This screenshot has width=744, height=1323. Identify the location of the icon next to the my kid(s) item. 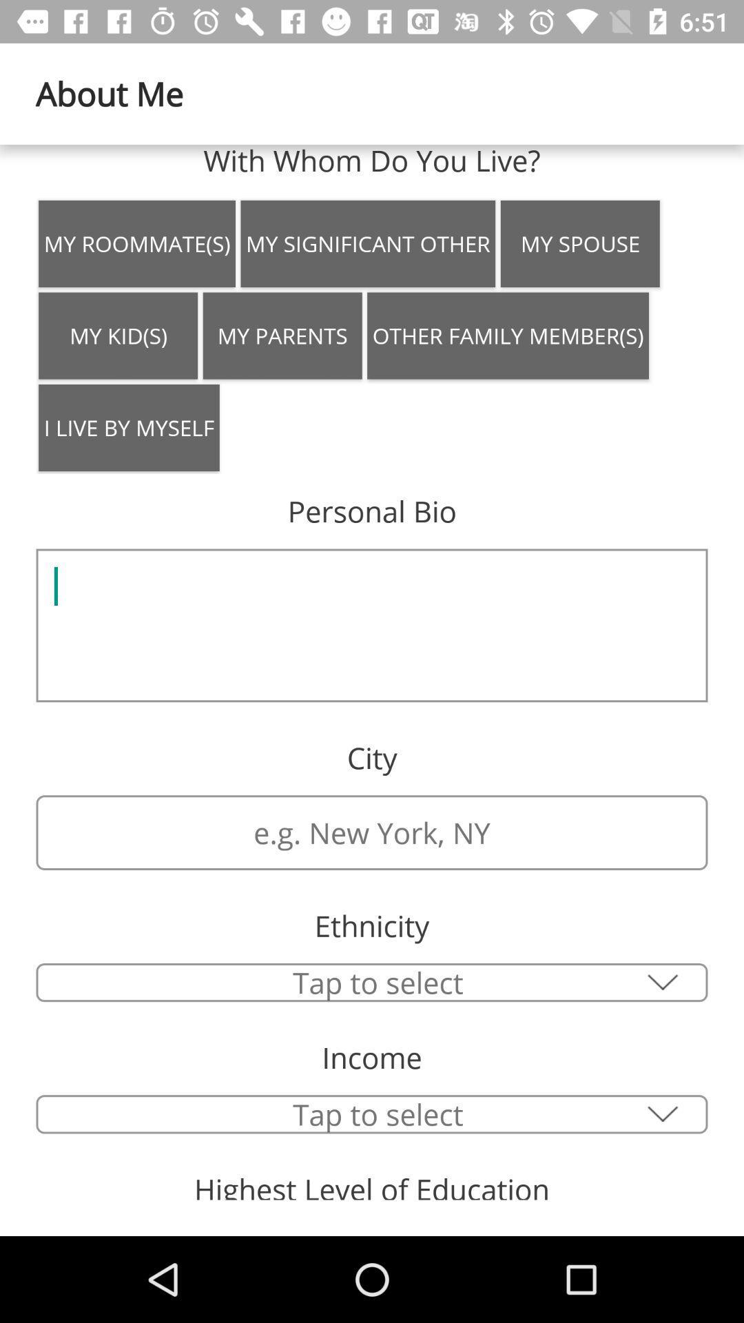
(282, 336).